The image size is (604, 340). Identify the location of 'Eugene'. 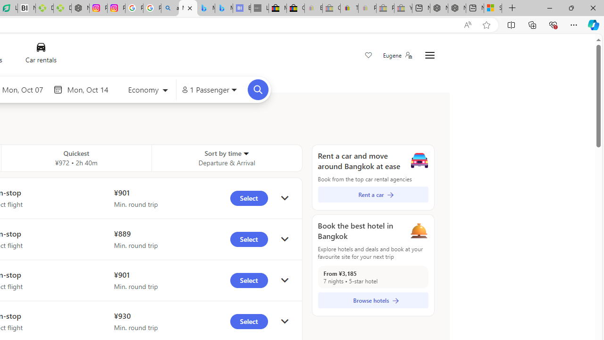
(397, 55).